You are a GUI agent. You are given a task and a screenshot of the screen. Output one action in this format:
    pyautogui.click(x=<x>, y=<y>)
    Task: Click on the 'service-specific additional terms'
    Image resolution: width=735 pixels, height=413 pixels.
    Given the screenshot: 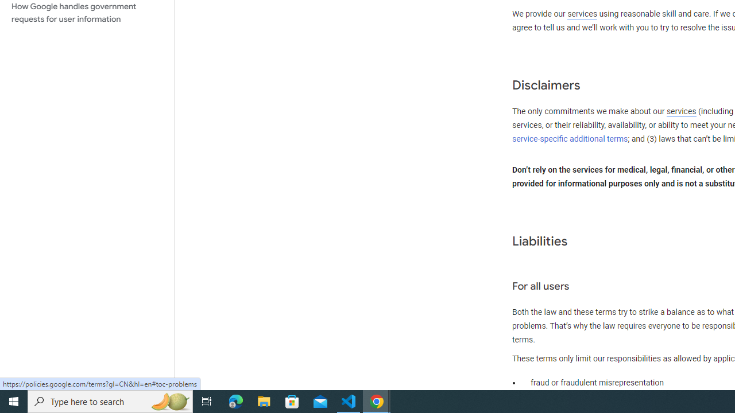 What is the action you would take?
    pyautogui.click(x=570, y=138)
    